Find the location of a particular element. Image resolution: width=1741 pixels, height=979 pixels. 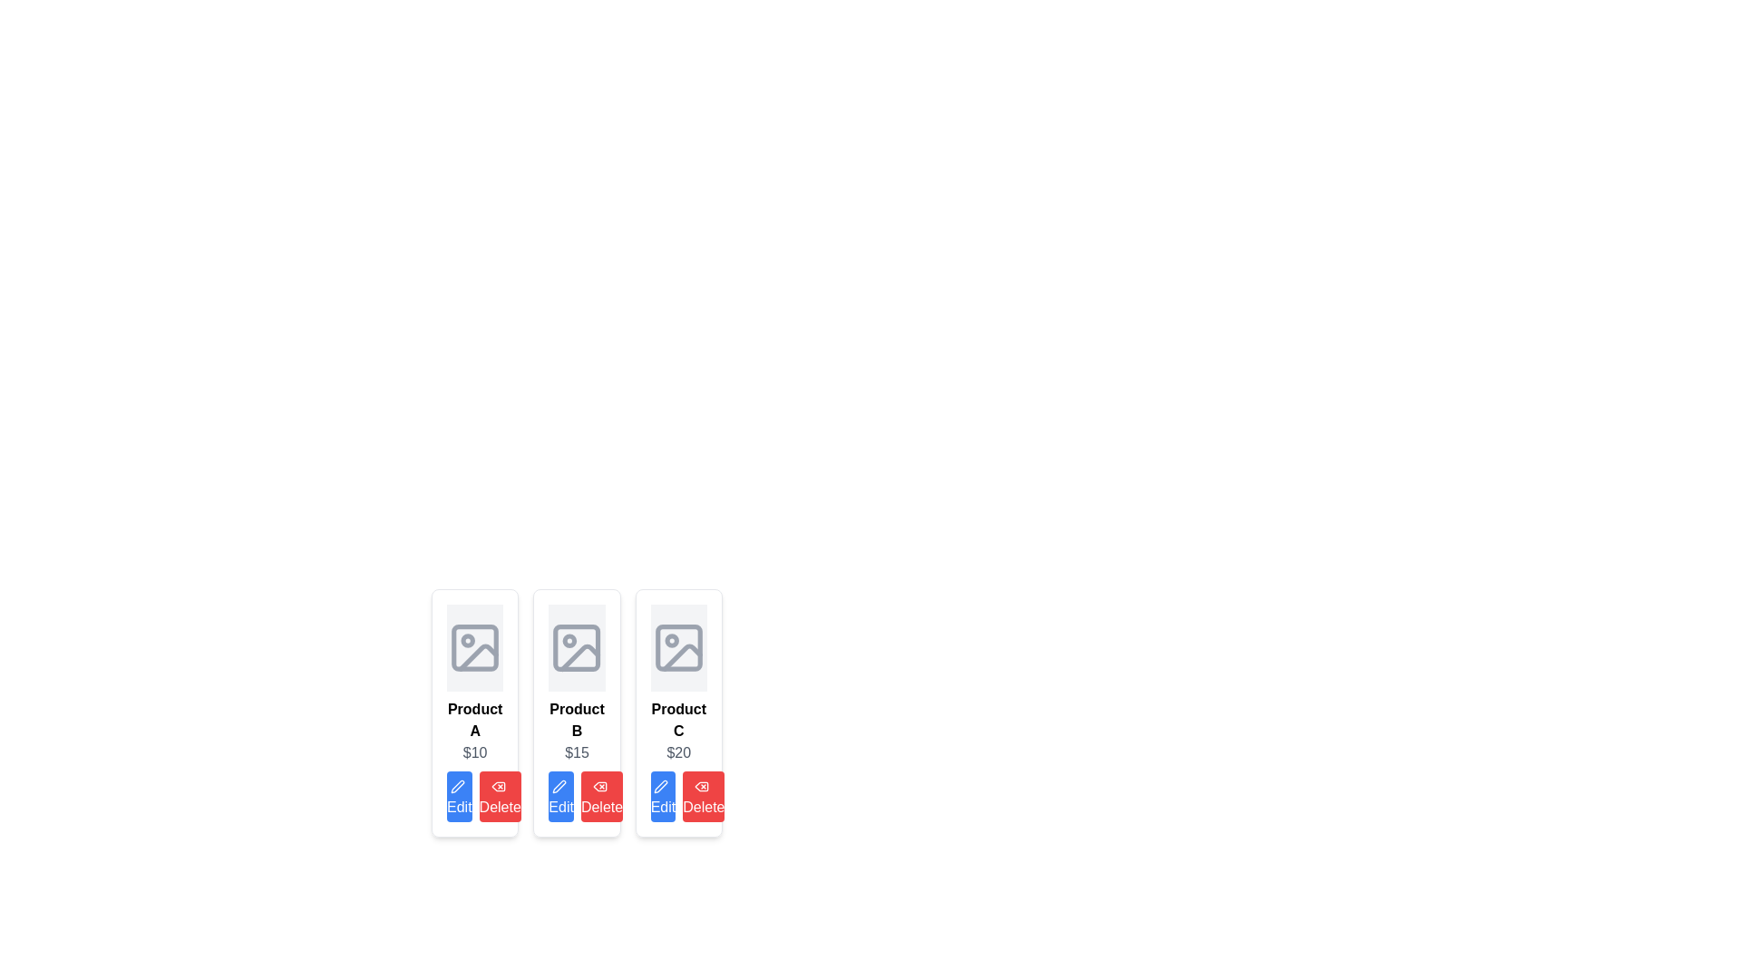

the static text element that displays the price information of 'Product B', which is located beneath the 'Product B' label and above the 'Edit' and 'Delete' buttons in the second card of the product list is located at coordinates (576, 752).